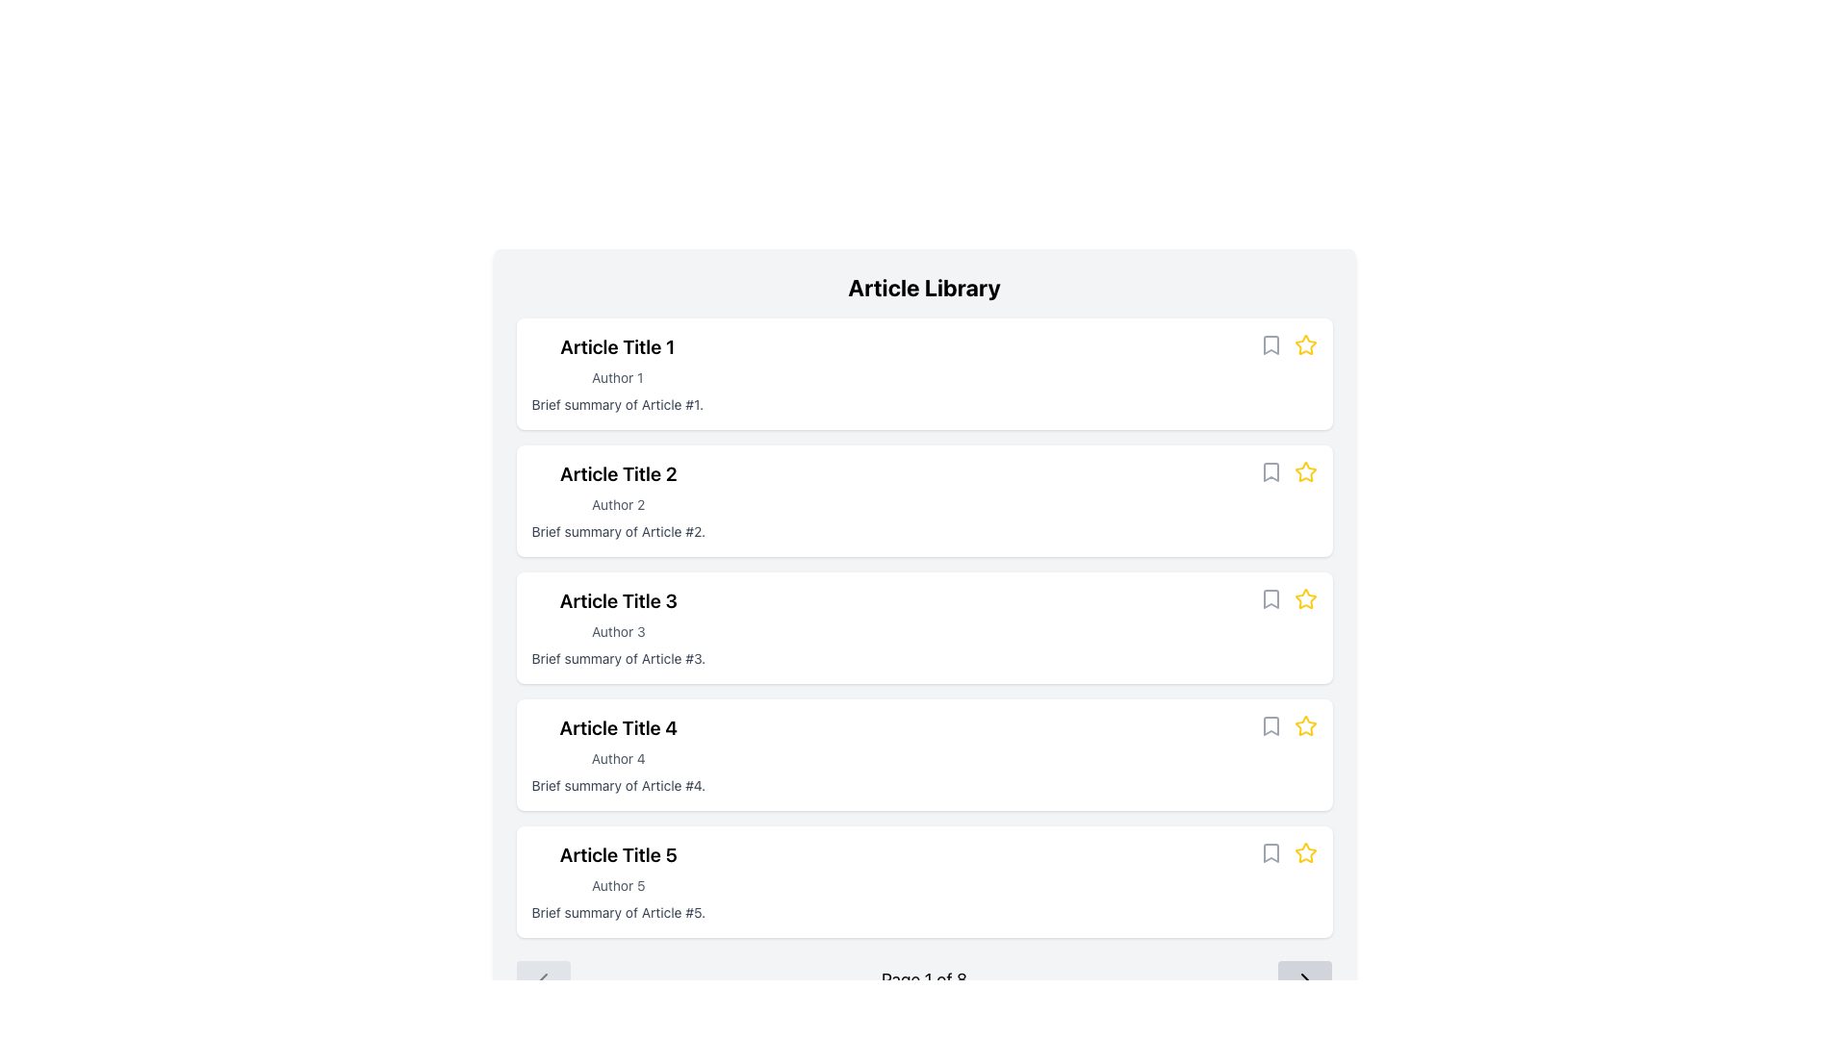 Image resolution: width=1848 pixels, height=1039 pixels. What do you see at coordinates (1270, 726) in the screenshot?
I see `the bookmark icon located to the right of 'Article Title 4', adjacent to the star icon` at bounding box center [1270, 726].